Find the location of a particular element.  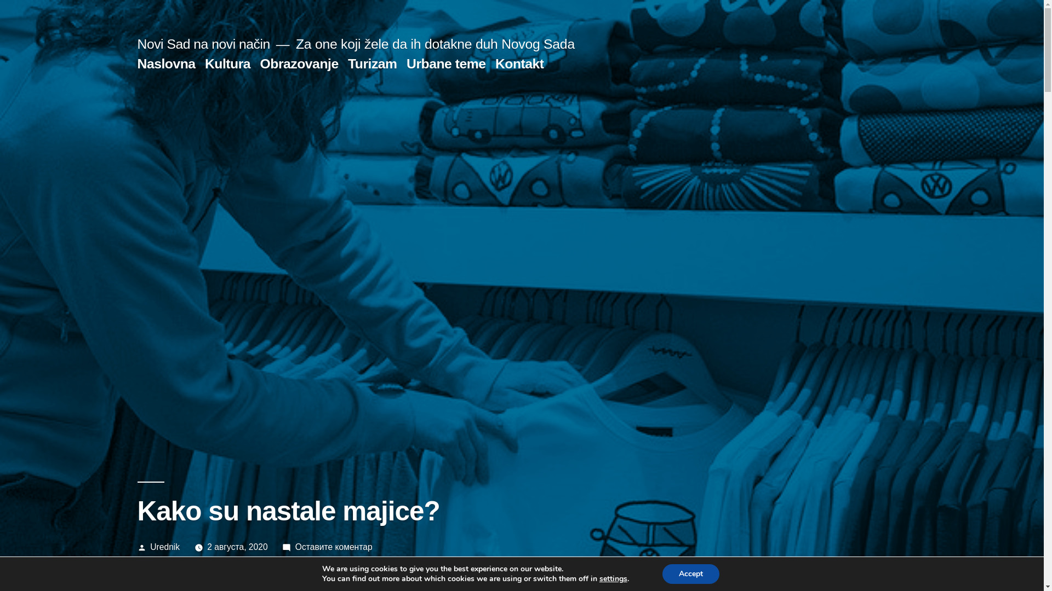

'Turizam' is located at coordinates (347, 63).